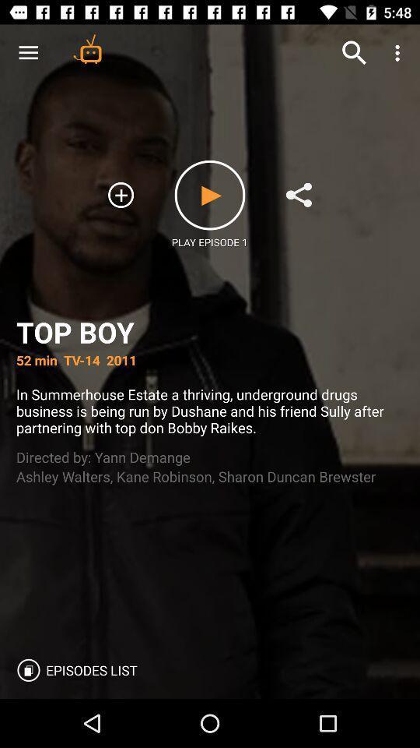  I want to click on to watchlist, so click(120, 194).